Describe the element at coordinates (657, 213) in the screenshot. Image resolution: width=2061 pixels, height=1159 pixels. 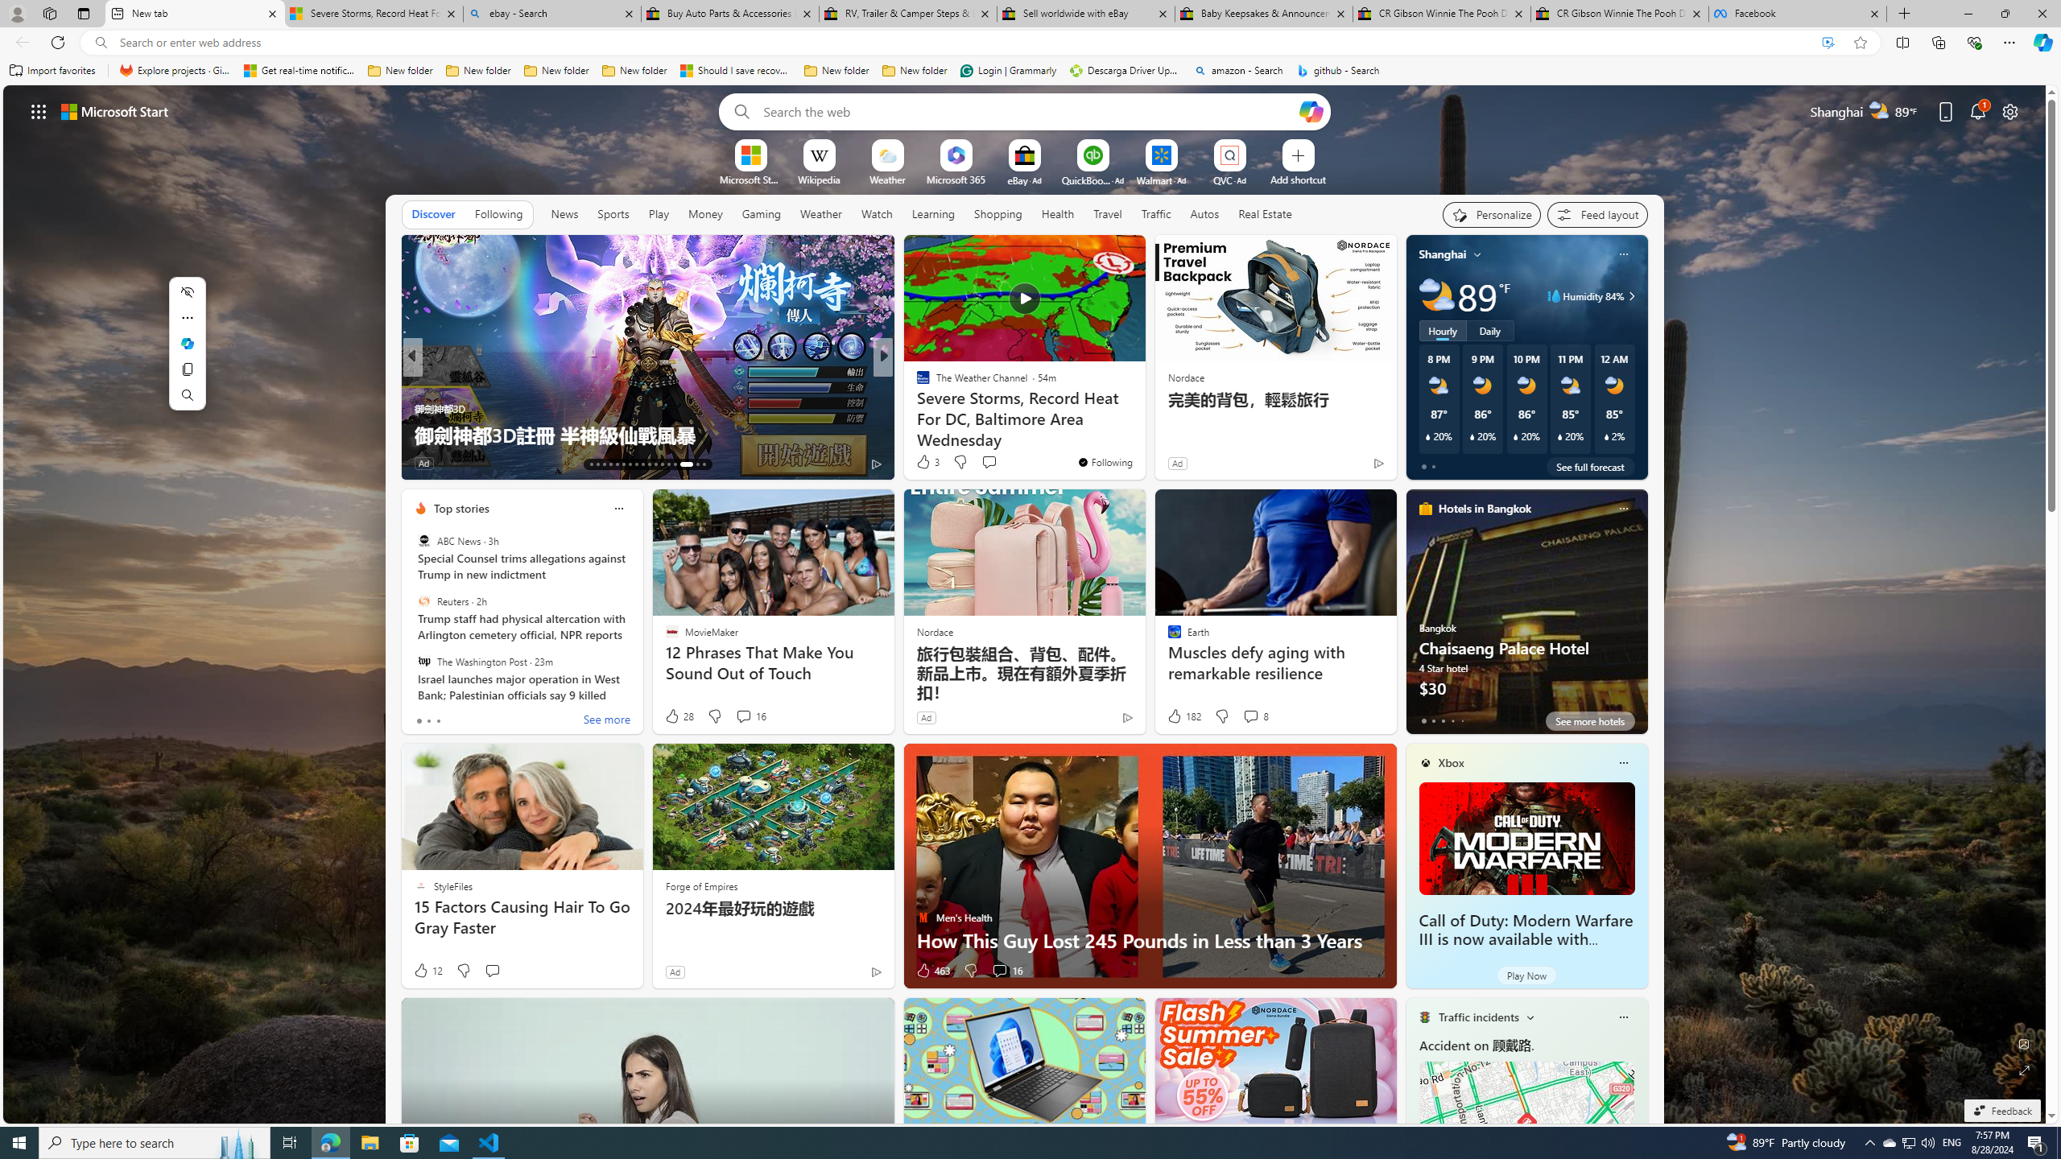
I see `'Play'` at that location.